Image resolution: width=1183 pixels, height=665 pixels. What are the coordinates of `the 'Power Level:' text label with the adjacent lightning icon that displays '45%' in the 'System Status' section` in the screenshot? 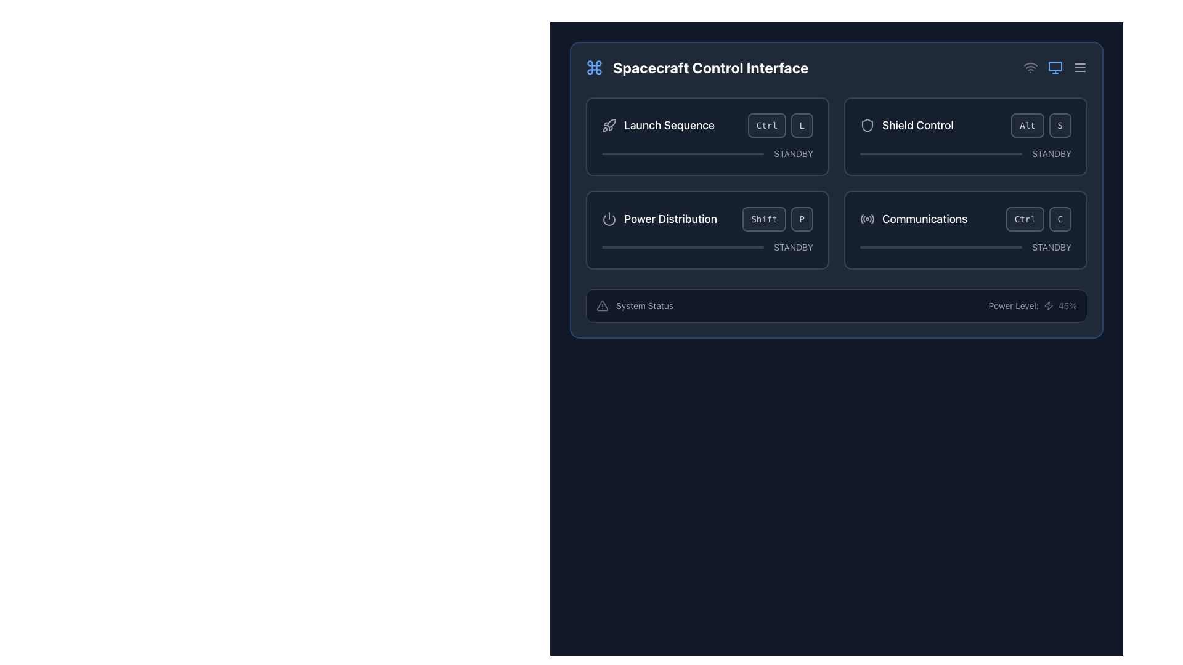 It's located at (1033, 305).